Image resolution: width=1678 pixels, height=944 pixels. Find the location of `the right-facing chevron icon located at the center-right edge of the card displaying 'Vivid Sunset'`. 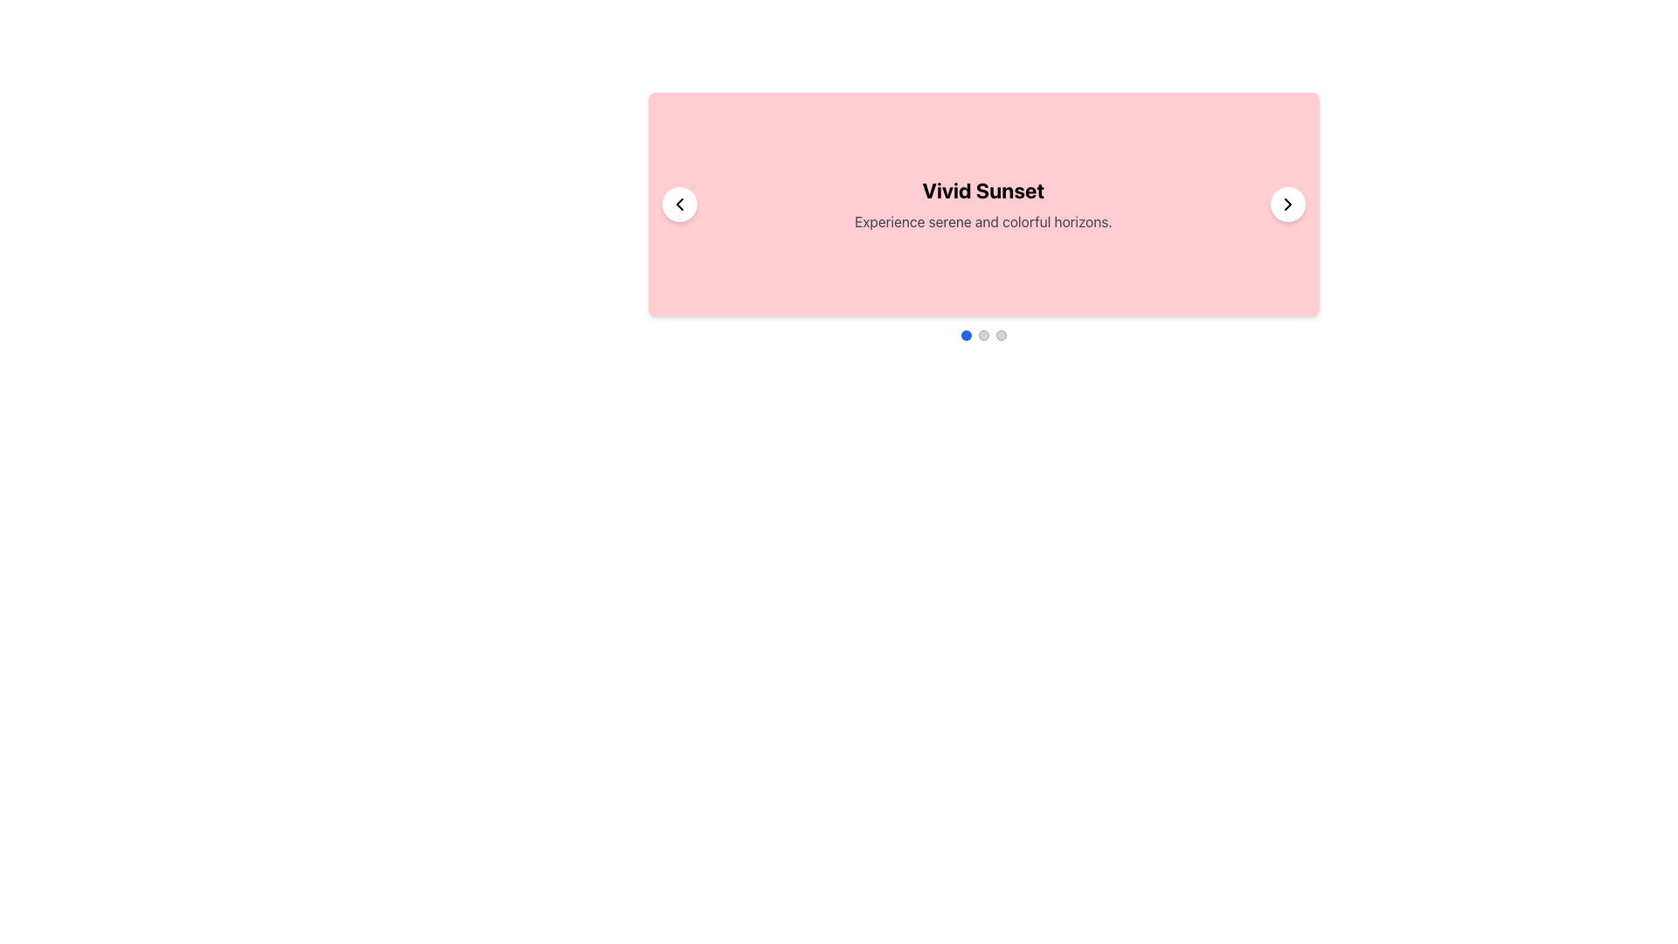

the right-facing chevron icon located at the center-right edge of the card displaying 'Vivid Sunset' is located at coordinates (1287, 204).